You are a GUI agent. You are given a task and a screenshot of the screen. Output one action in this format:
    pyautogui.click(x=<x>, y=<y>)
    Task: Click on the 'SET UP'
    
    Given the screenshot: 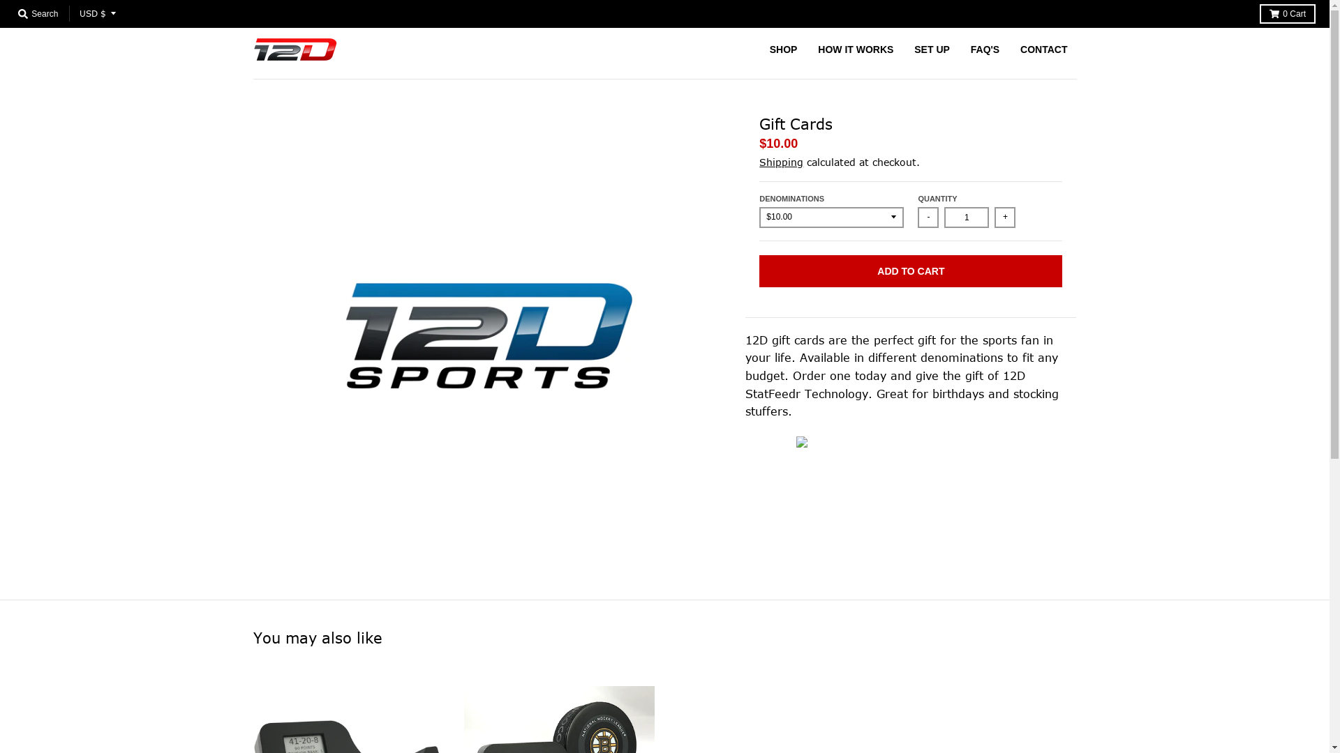 What is the action you would take?
    pyautogui.click(x=932, y=48)
    